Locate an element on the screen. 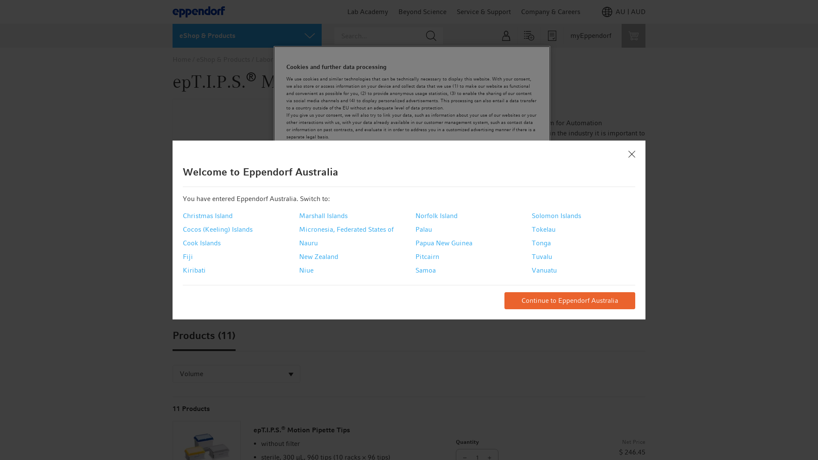 This screenshot has height=460, width=818. 'Quote' is located at coordinates (552, 35).